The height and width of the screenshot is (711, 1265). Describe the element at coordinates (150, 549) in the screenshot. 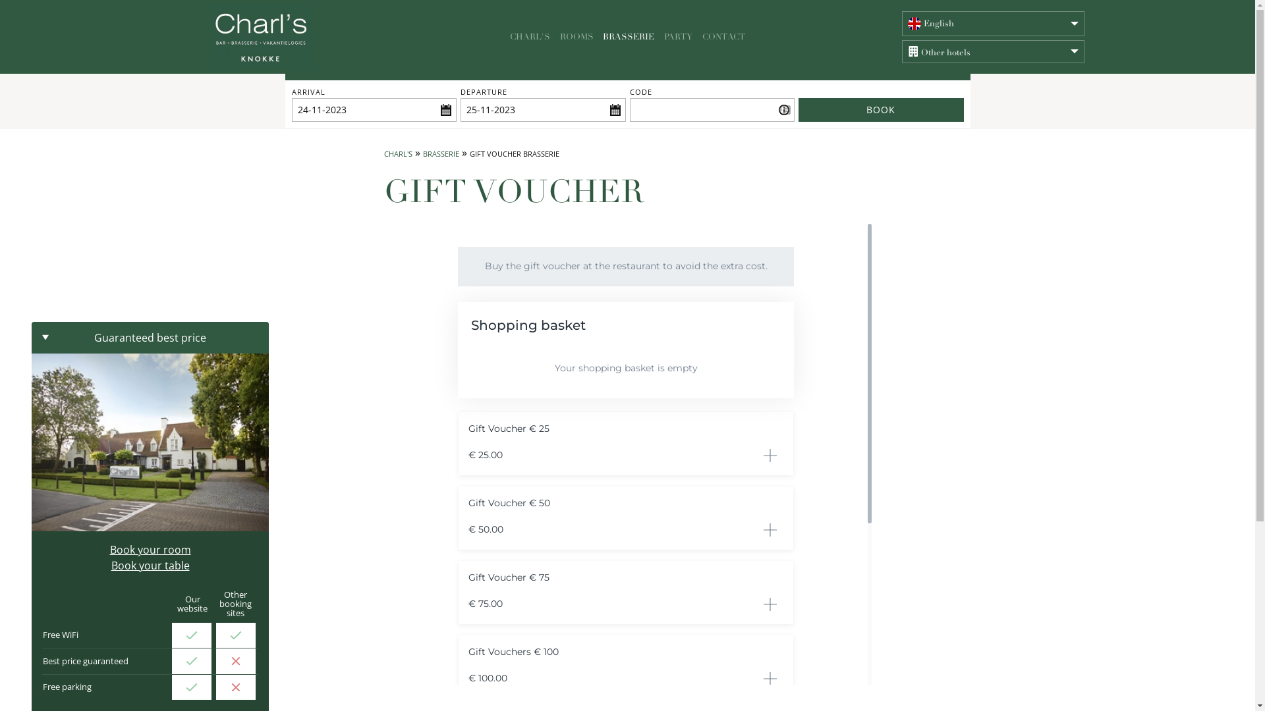

I see `'Book your room'` at that location.